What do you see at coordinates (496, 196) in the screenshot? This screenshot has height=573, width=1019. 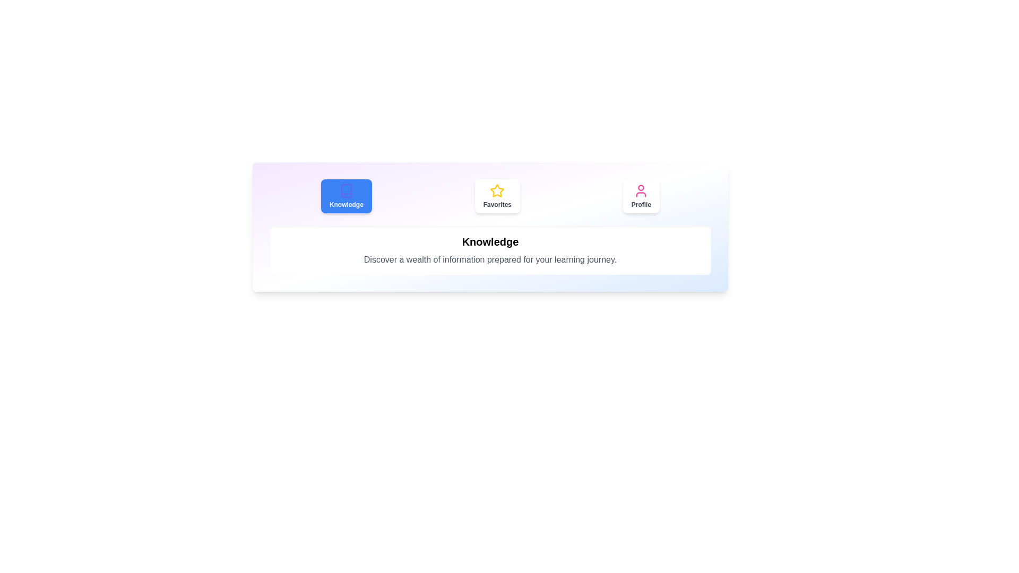 I see `the Favorites tab` at bounding box center [496, 196].